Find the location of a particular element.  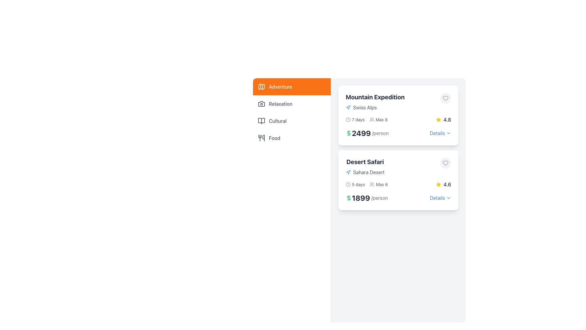

the numerical pricing detail text label that appears immediately to the right of the green dollar sign and is followed by '/person' is located at coordinates (361, 133).